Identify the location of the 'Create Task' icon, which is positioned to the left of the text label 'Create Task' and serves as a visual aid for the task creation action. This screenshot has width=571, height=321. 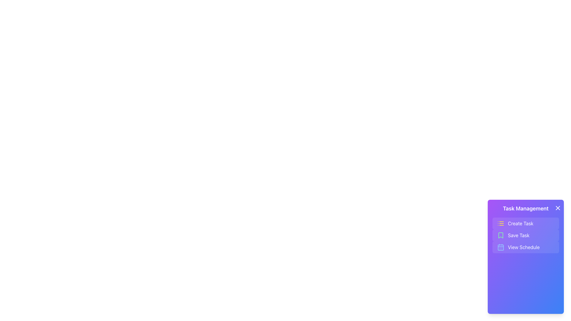
(501, 224).